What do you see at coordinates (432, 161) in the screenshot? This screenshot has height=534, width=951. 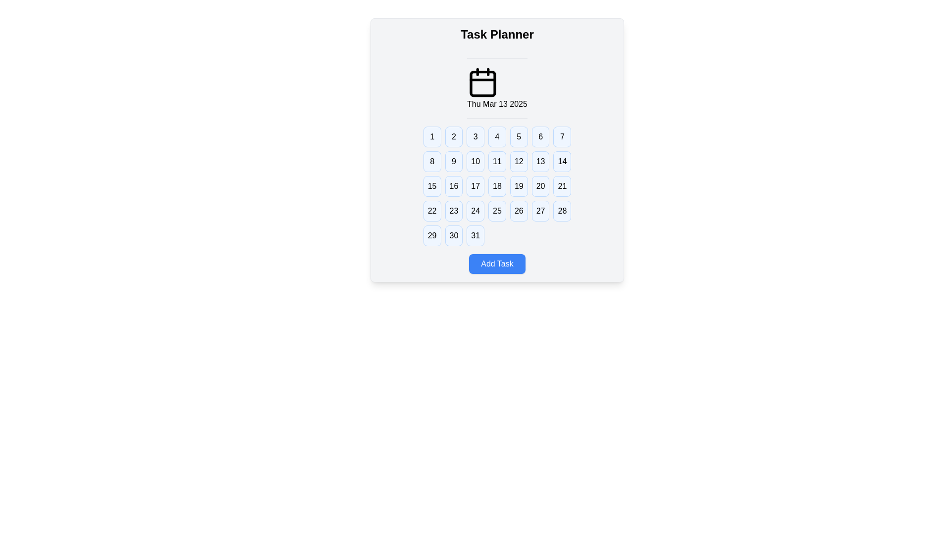 I see `the button representing the date '8' in the calendar interface` at bounding box center [432, 161].